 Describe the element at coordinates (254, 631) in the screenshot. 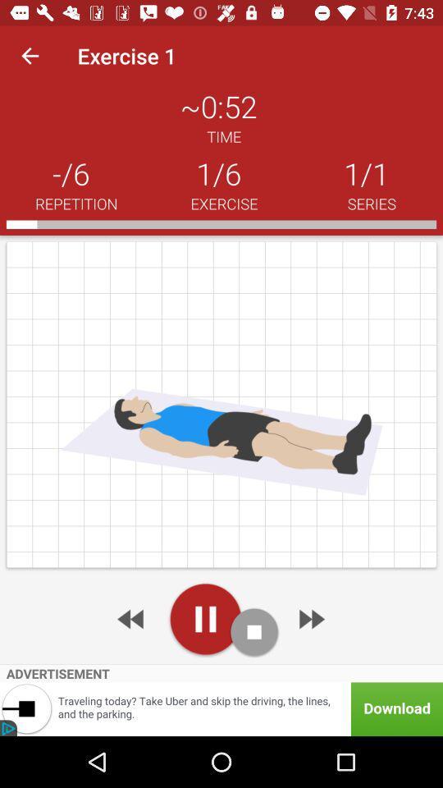

I see `stop the playback` at that location.